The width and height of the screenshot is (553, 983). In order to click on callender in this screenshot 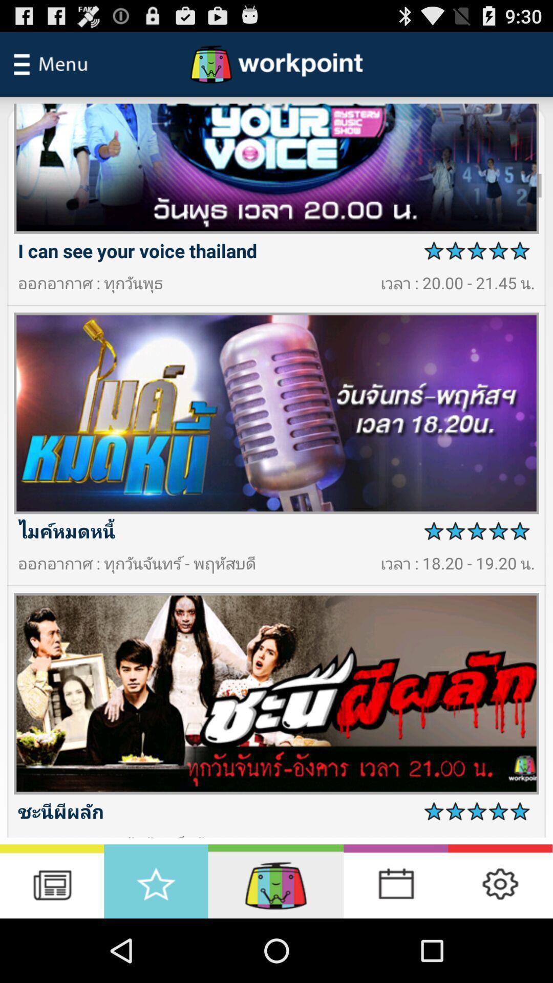, I will do `click(395, 881)`.